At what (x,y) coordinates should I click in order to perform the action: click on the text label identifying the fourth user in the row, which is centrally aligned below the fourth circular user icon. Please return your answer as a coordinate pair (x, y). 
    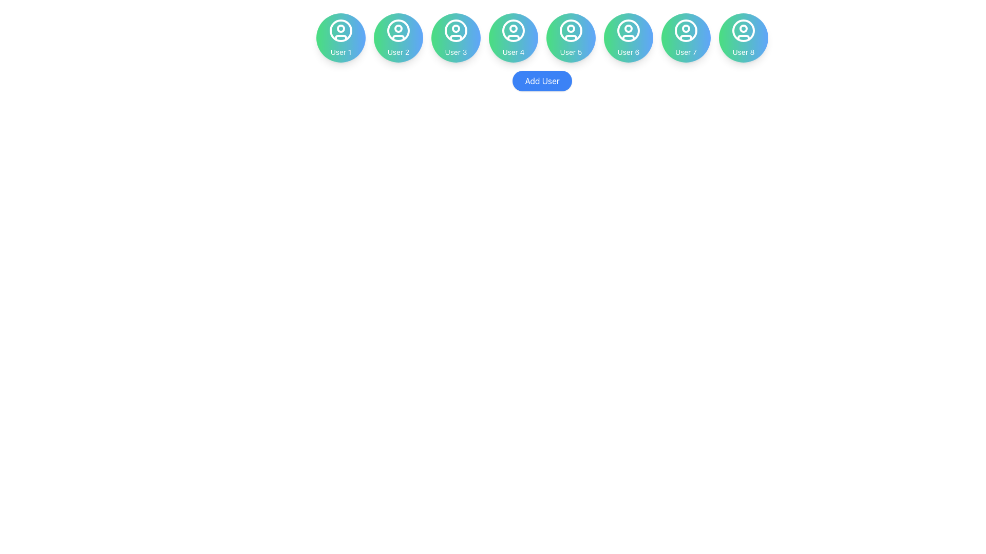
    Looking at the image, I should click on (513, 52).